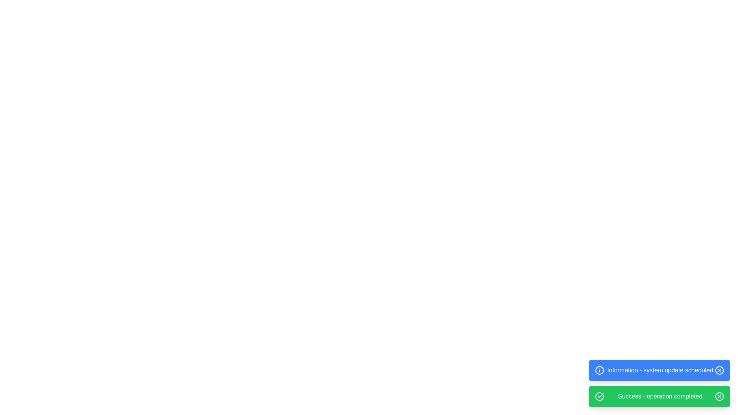  Describe the element at coordinates (719, 397) in the screenshot. I see `the close button located in the top-right corner of the 'Success - operation completed.' notification` at that location.